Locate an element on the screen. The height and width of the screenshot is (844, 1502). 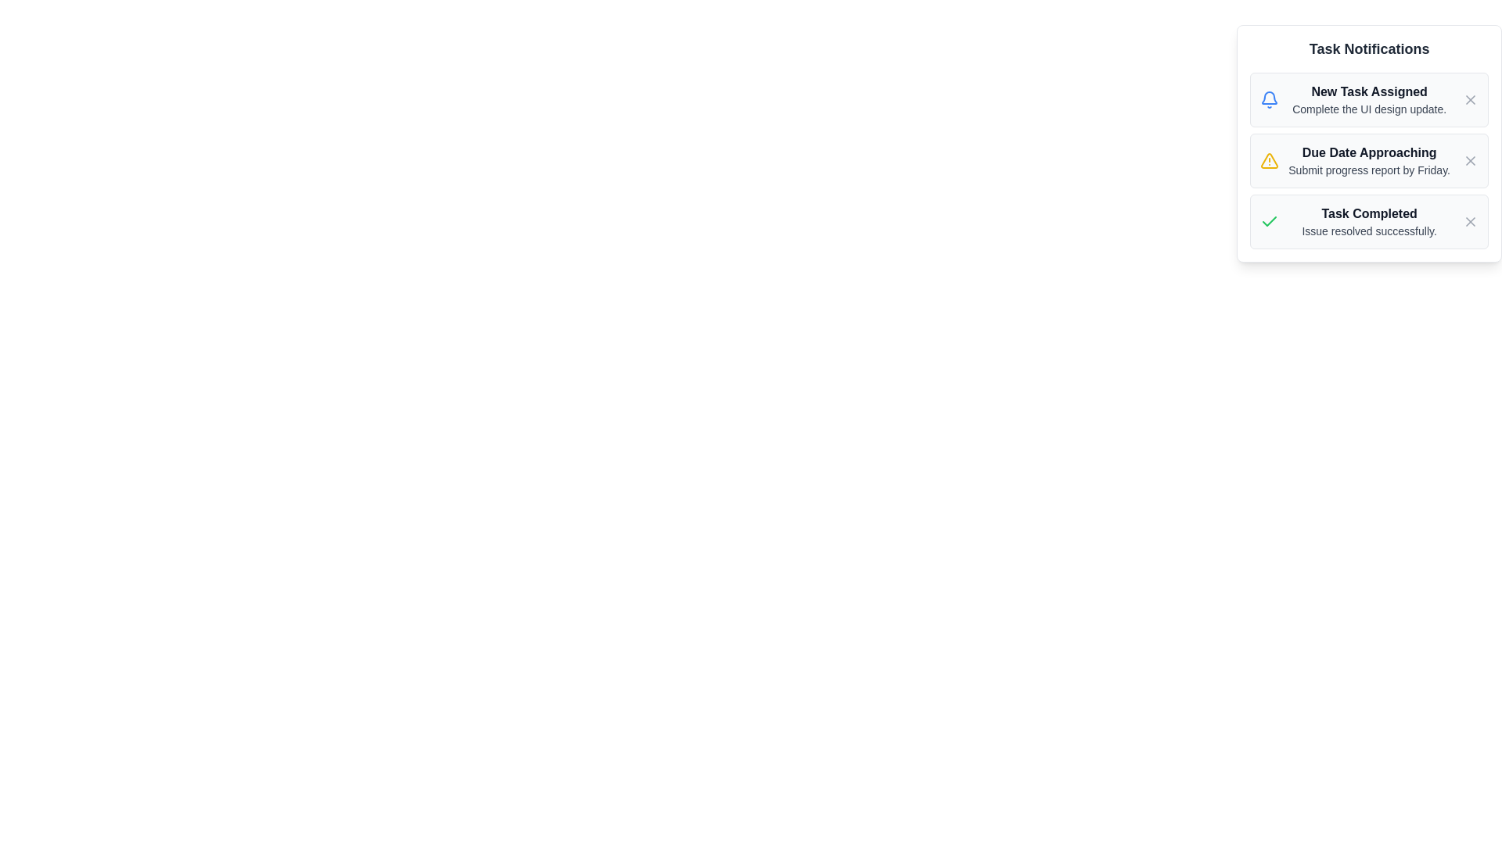
text 'Task Completed' displayed in bold dark gray color, located in the bottom-most notification panel of 'Task Notifications', directly above 'Issue resolved successfully' is located at coordinates (1368, 213).